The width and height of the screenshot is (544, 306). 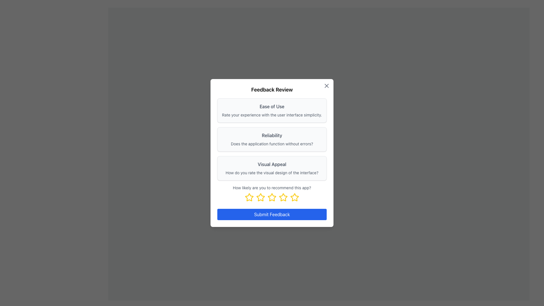 I want to click on across the five star icons in the Rating scale asking 'How likely are you, so click(x=272, y=193).